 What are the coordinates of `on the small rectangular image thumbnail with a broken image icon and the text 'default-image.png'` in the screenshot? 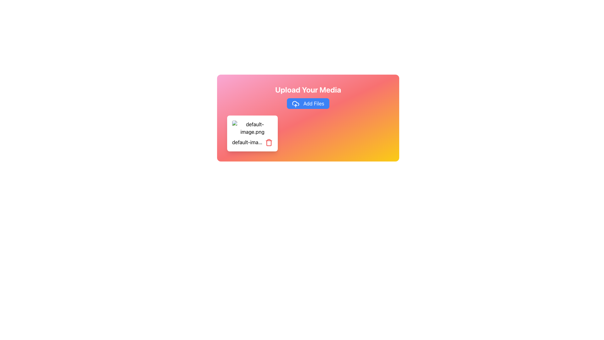 It's located at (252, 127).